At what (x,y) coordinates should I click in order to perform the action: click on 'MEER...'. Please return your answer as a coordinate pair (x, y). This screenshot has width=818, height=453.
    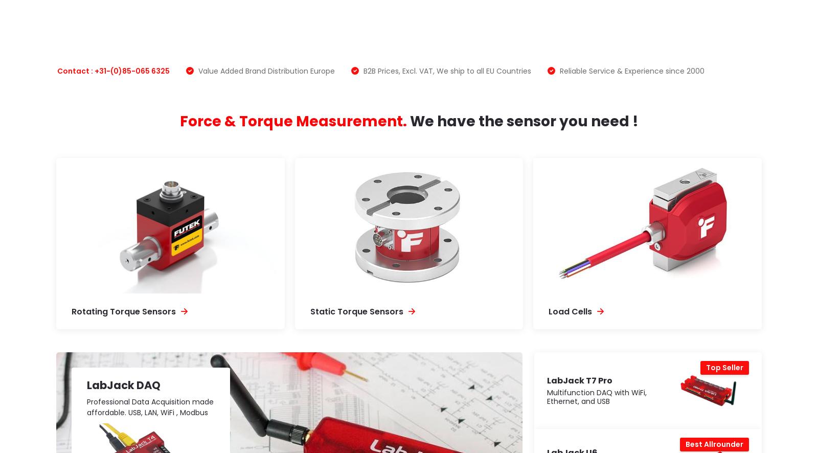
    Looking at the image, I should click on (748, 41).